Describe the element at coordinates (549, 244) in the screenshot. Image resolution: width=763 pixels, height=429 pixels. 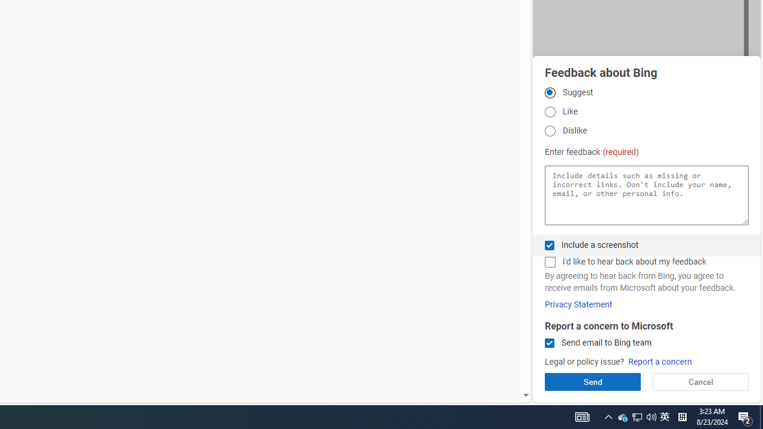
I see `'Include a screenshot'` at that location.